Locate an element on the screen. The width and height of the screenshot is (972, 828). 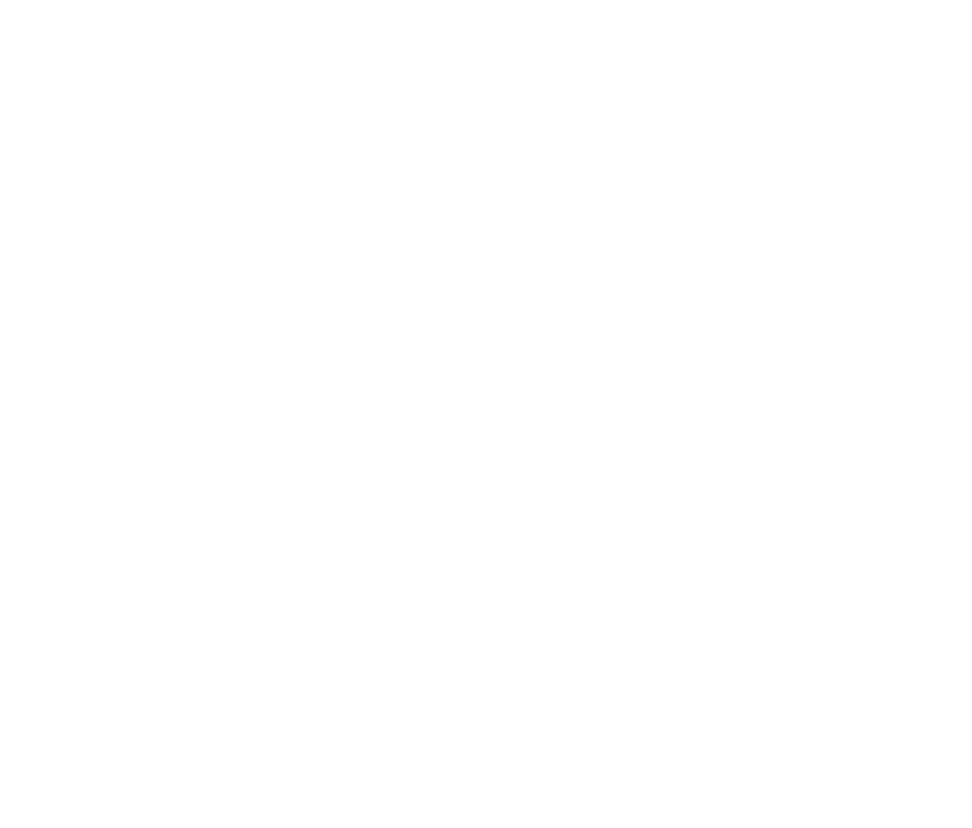
'HARMAN (' is located at coordinates (59, 202).